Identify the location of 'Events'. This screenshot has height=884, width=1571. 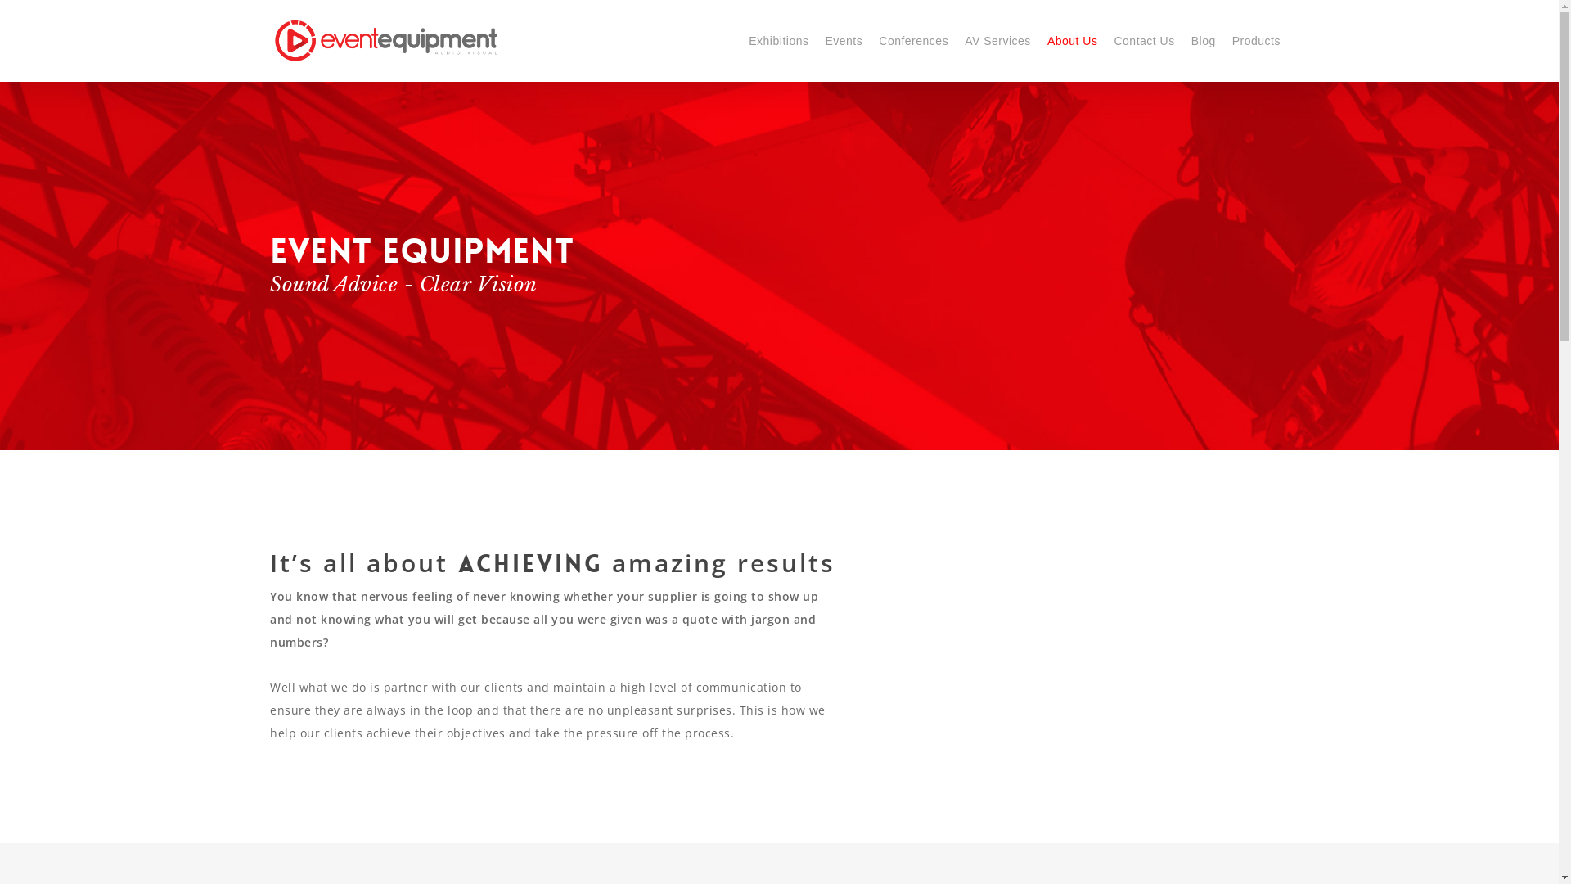
(817, 40).